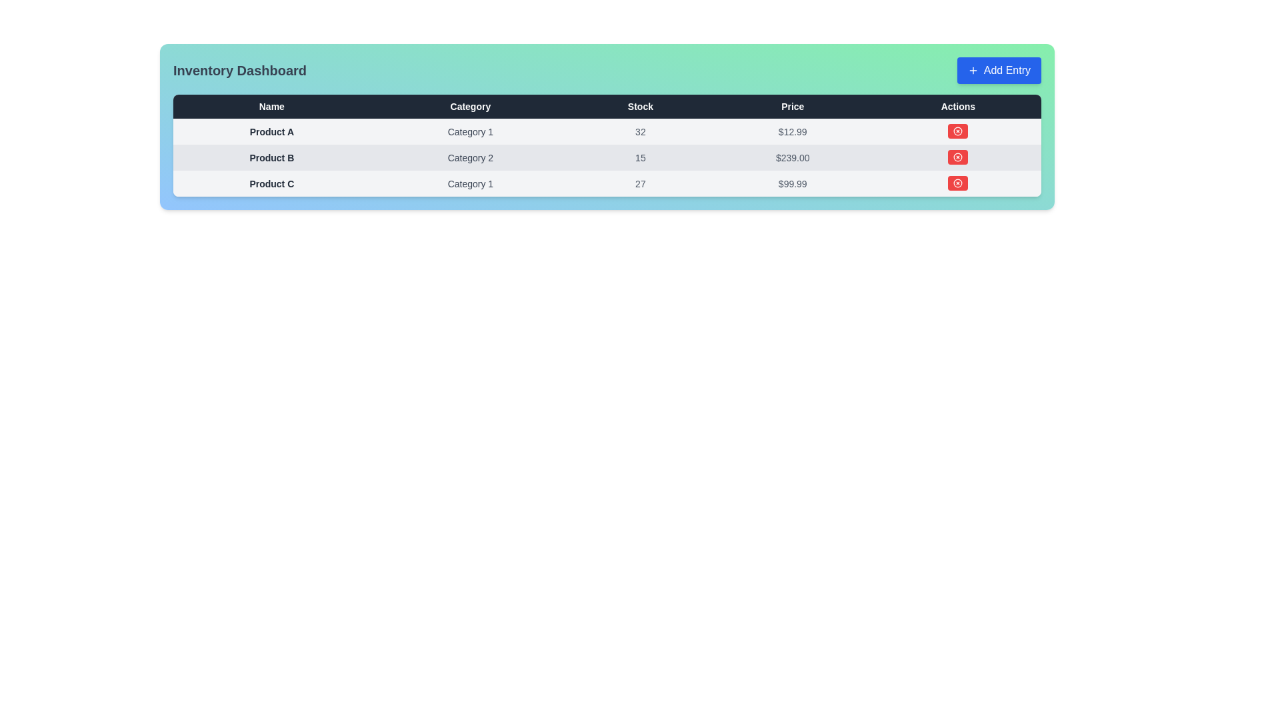  What do you see at coordinates (957, 183) in the screenshot?
I see `the outlined circle in the 'Actions' column of the last row corresponding to 'Product C'` at bounding box center [957, 183].